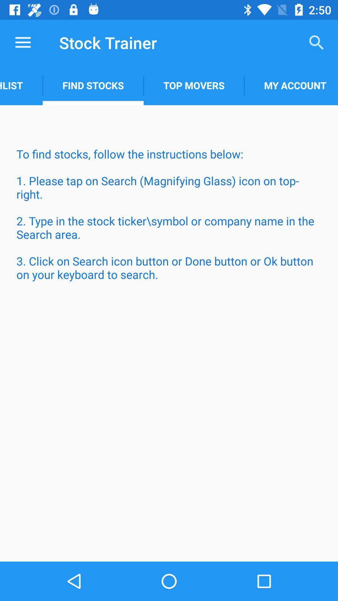 This screenshot has width=338, height=601. What do you see at coordinates (193, 85) in the screenshot?
I see `app next to my account` at bounding box center [193, 85].